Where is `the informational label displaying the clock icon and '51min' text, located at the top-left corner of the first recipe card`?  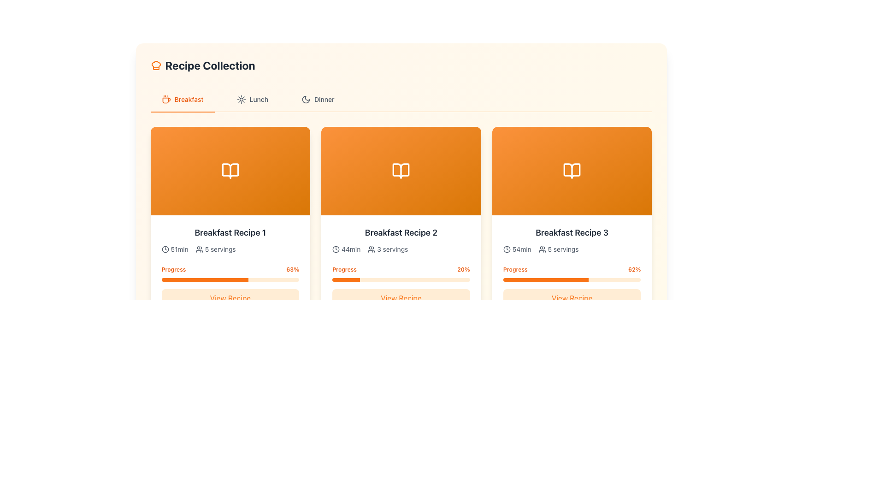
the informational label displaying the clock icon and '51min' text, located at the top-left corner of the first recipe card is located at coordinates (175, 249).